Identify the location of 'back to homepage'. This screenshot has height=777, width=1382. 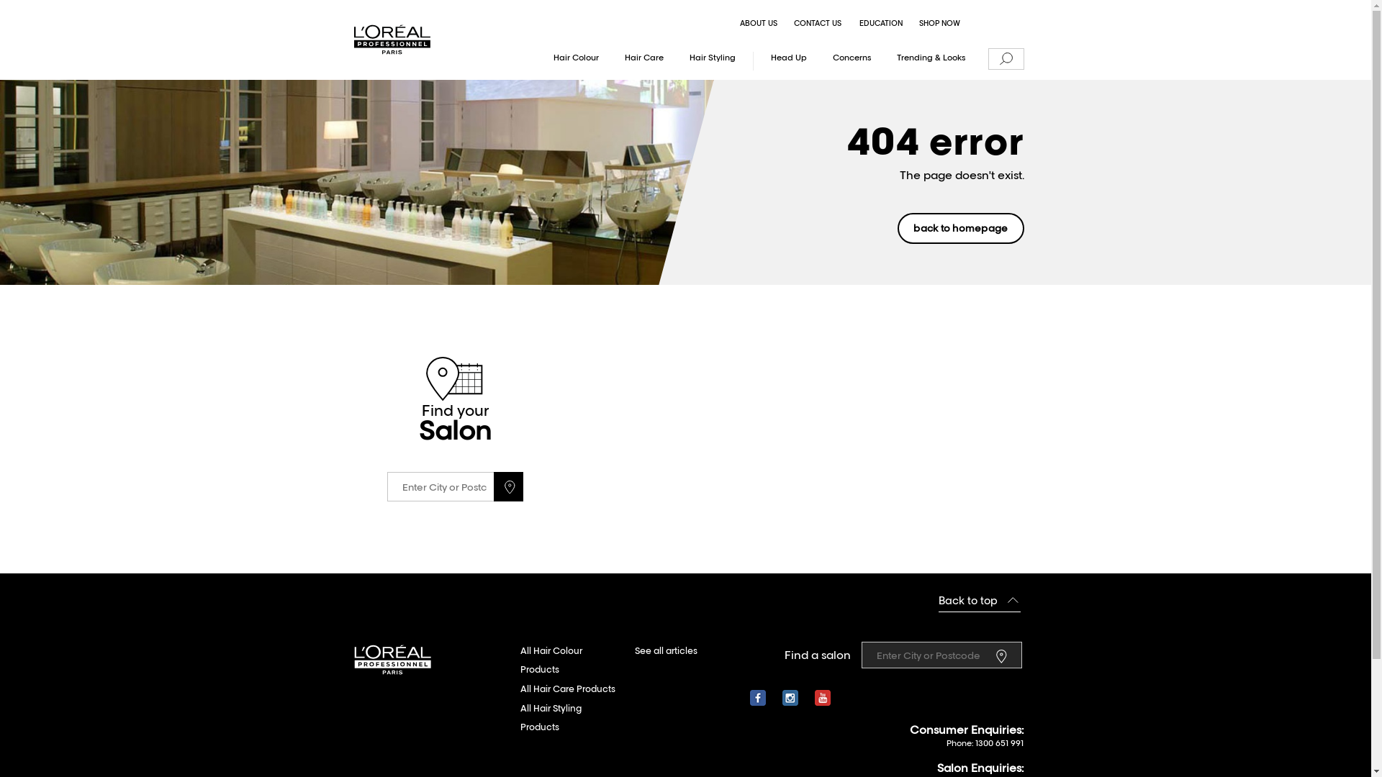
(960, 227).